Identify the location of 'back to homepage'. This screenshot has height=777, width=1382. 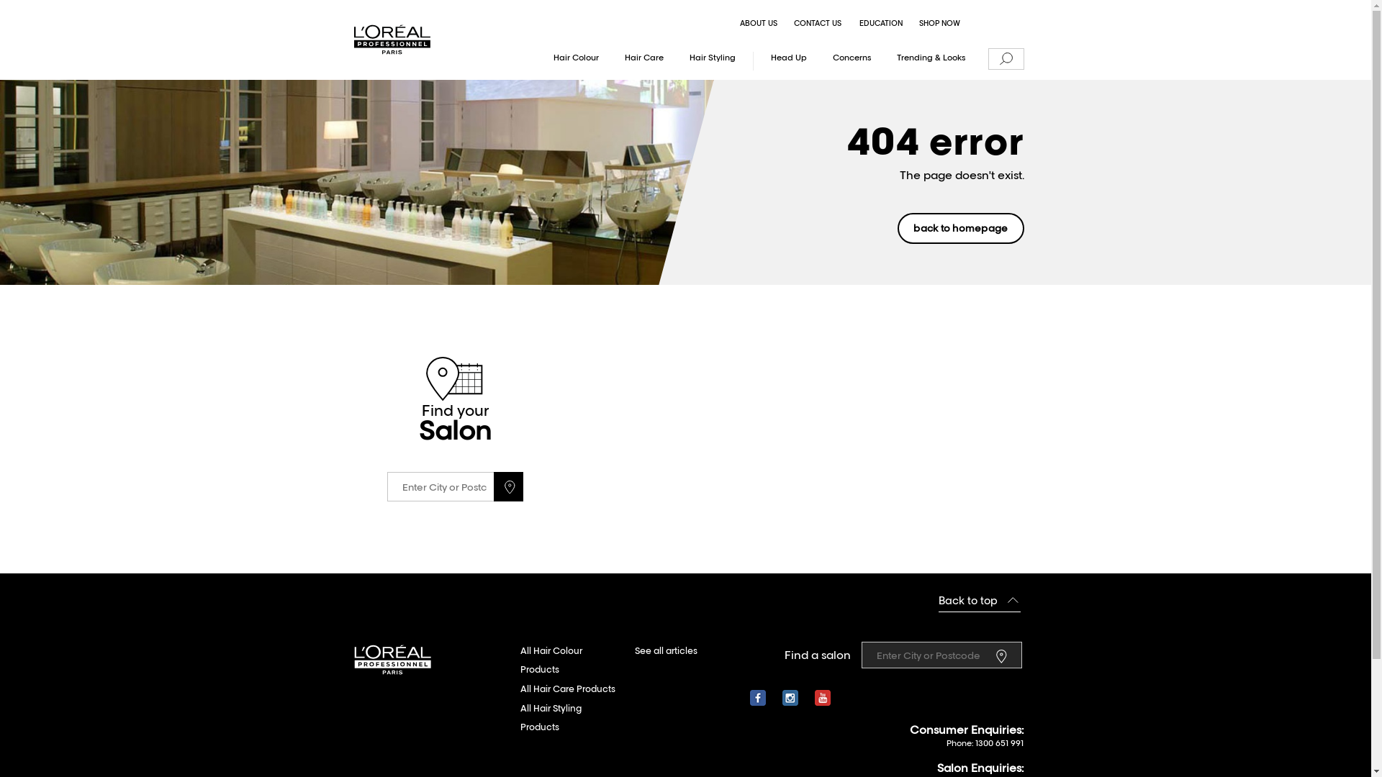
(960, 227).